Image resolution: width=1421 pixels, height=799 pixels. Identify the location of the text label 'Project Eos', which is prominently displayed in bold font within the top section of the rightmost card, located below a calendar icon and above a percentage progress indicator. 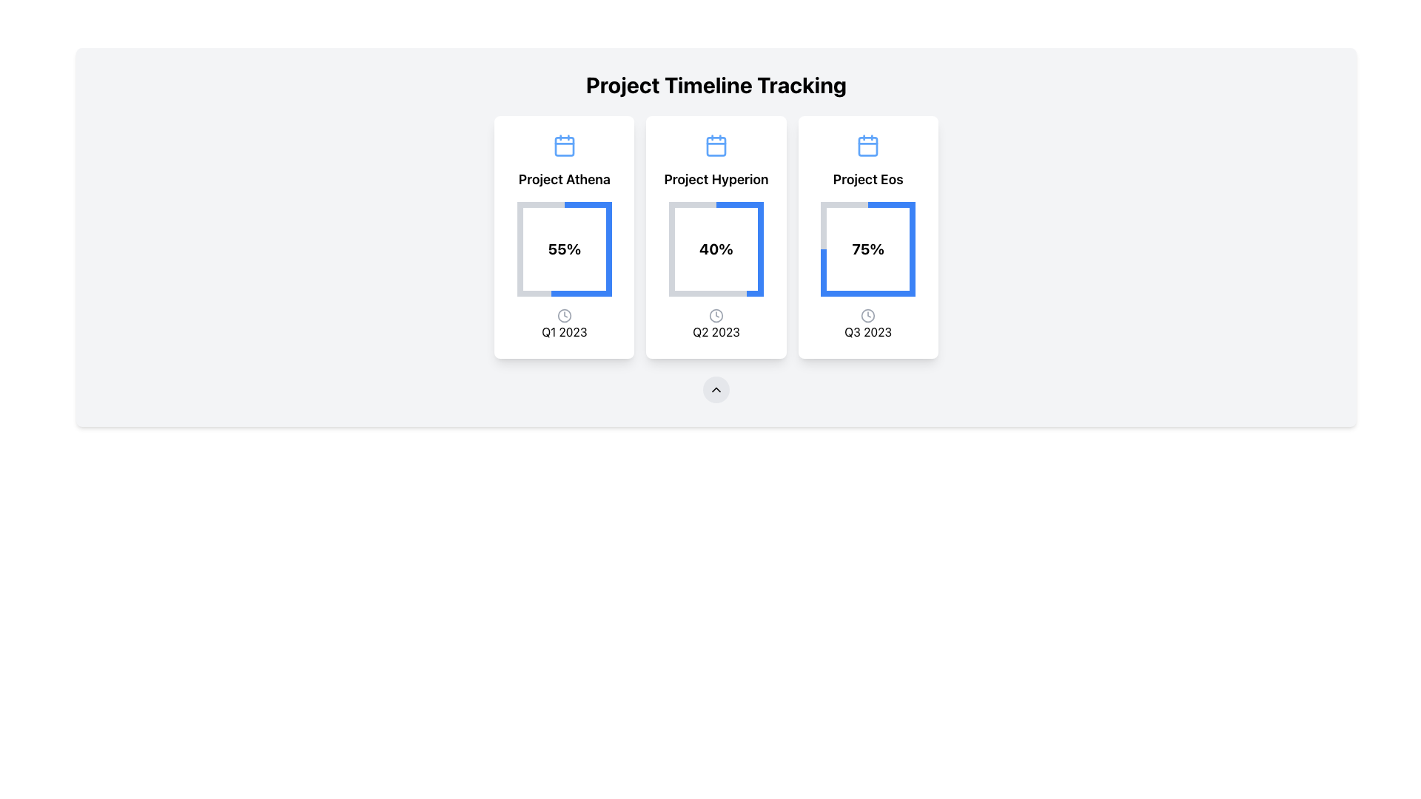
(868, 179).